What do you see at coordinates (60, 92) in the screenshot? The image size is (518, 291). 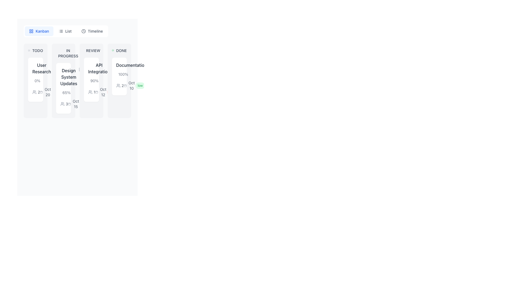 I see `the text label with the content 'medium', styled with rounded corners and a yellow background, located at the bottom-right of the card labeled 'Design System Updates'` at bounding box center [60, 92].